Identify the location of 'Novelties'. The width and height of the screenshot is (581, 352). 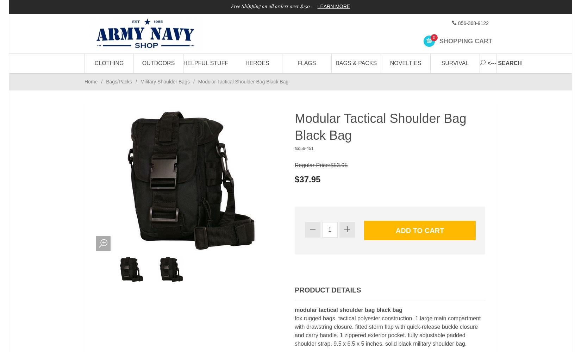
(405, 63).